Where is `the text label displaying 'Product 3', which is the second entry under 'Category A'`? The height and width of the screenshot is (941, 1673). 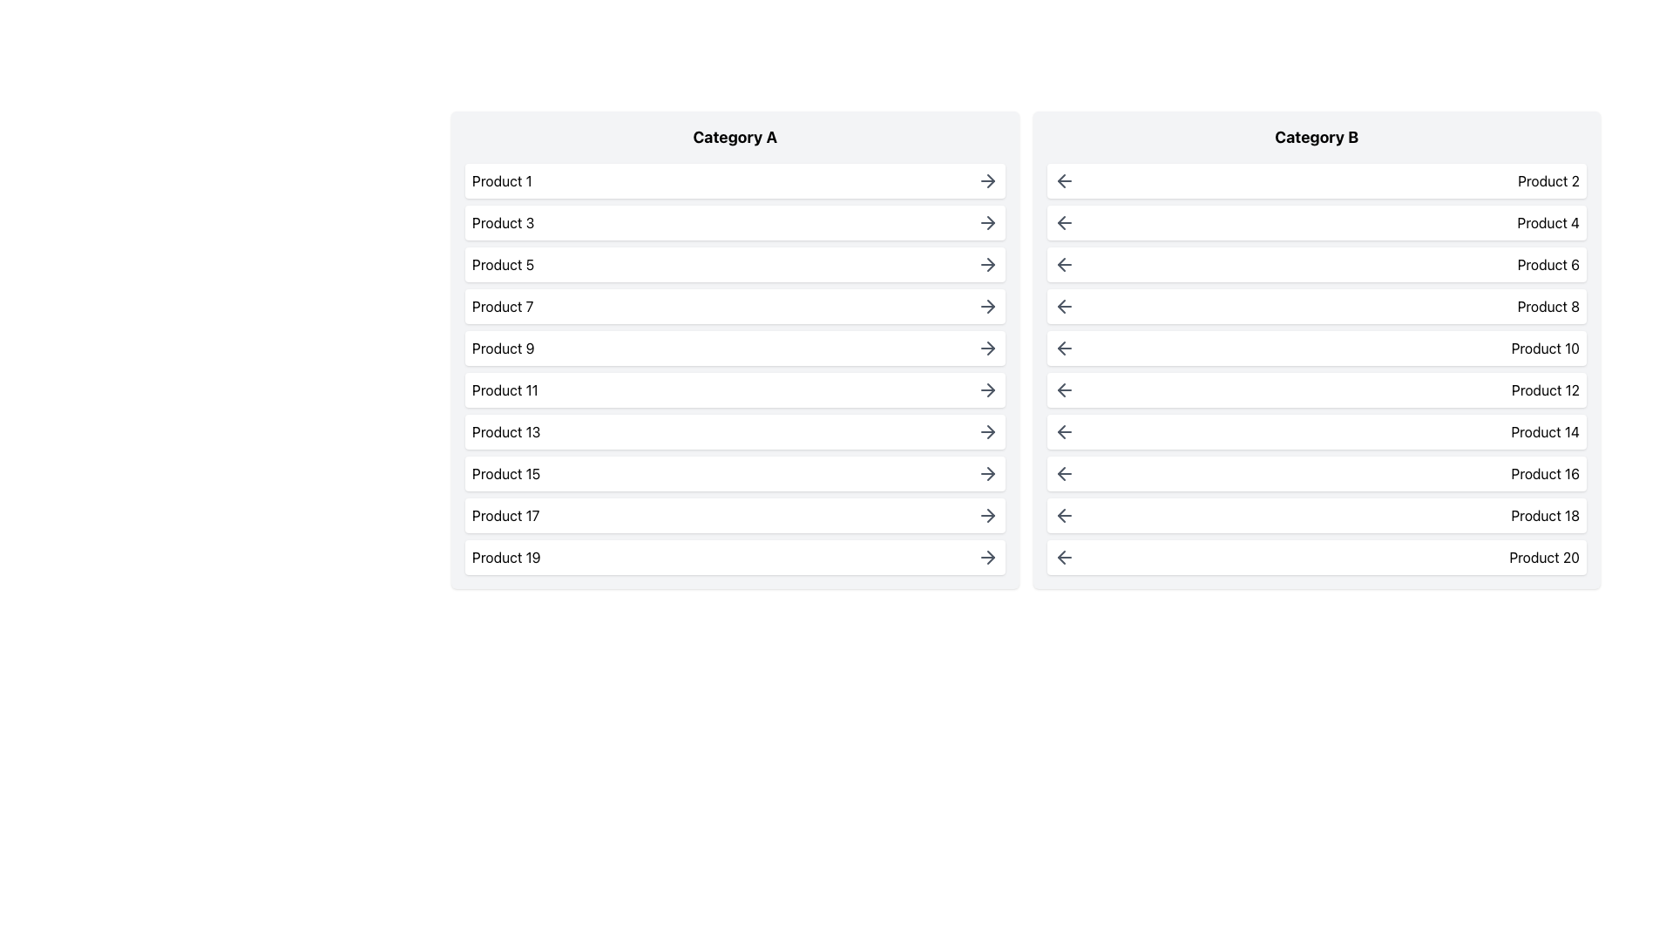 the text label displaying 'Product 3', which is the second entry under 'Category A' is located at coordinates (502, 221).